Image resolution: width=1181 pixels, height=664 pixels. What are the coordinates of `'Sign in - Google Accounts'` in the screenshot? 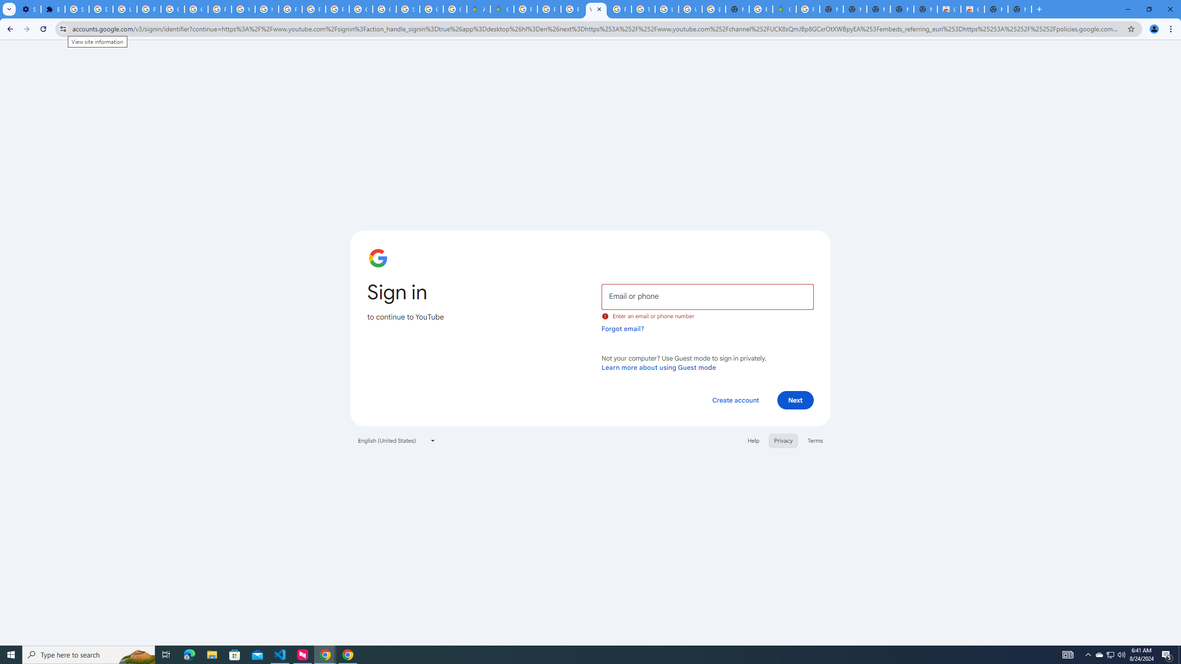 It's located at (77, 9).